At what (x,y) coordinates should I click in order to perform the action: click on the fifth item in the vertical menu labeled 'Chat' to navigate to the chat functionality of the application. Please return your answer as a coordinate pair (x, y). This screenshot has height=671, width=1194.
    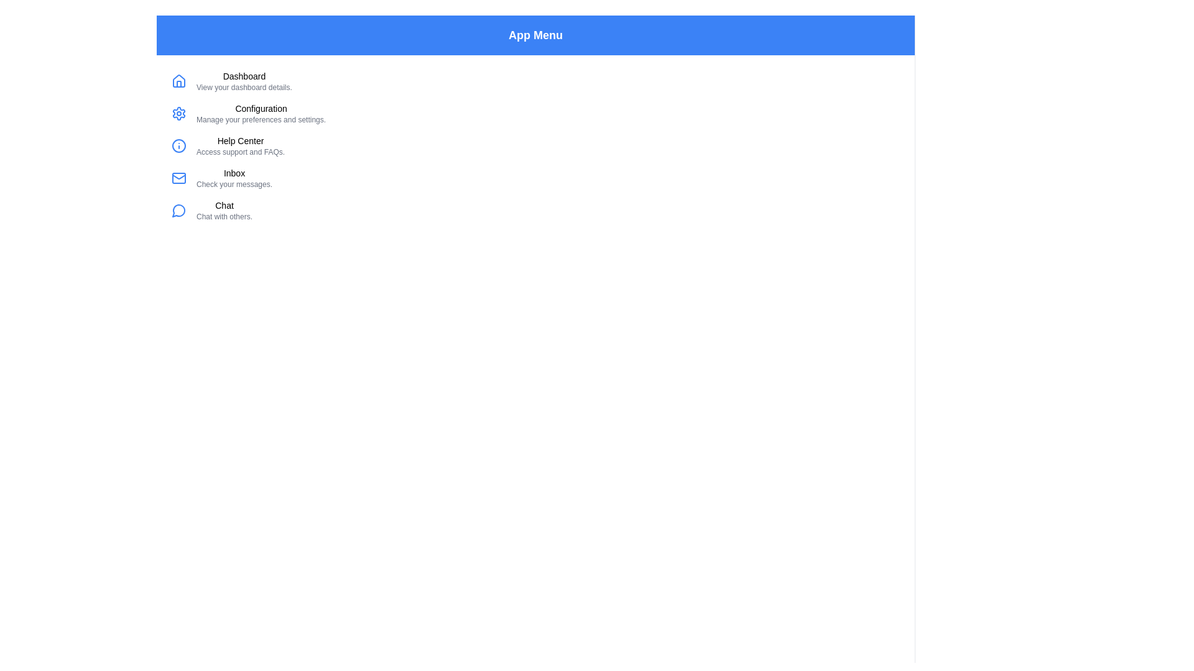
    Looking at the image, I should click on (224, 210).